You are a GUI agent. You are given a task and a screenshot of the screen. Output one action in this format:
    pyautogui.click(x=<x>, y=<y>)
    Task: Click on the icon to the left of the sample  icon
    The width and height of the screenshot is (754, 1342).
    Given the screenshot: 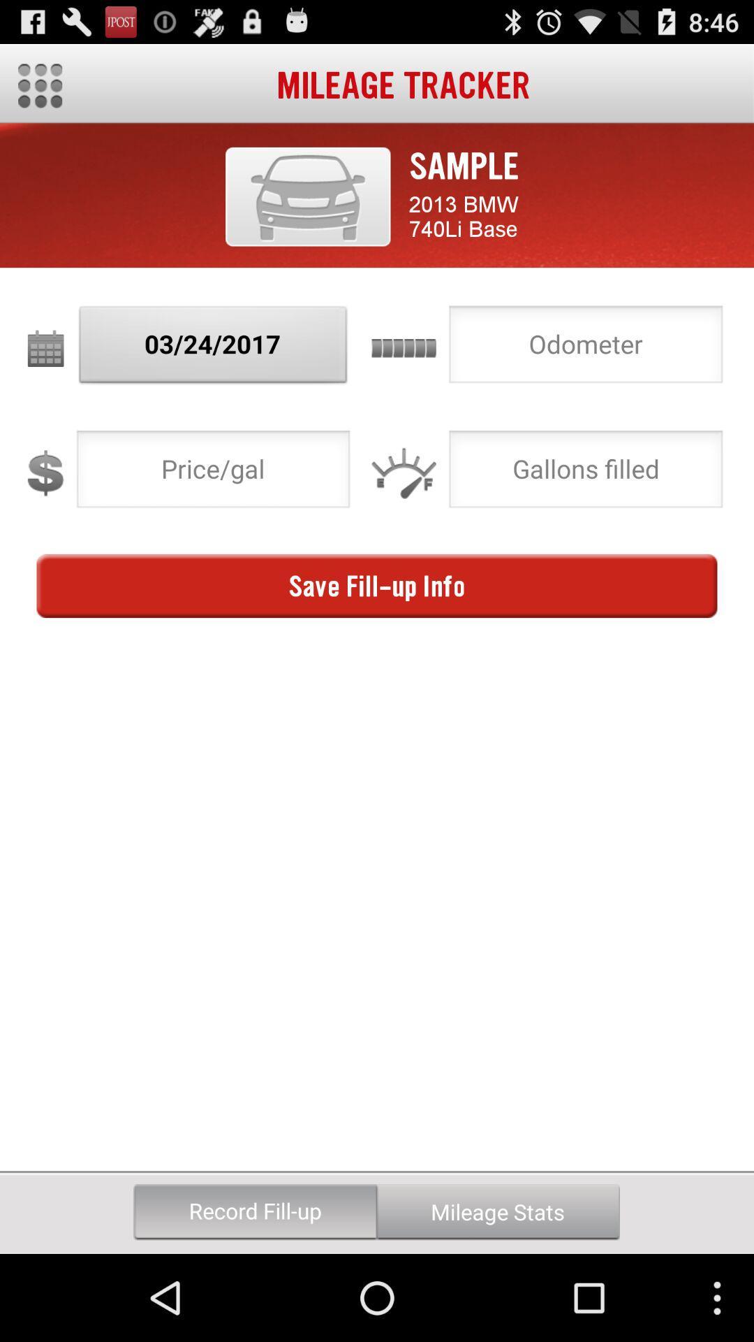 What is the action you would take?
    pyautogui.click(x=307, y=196)
    